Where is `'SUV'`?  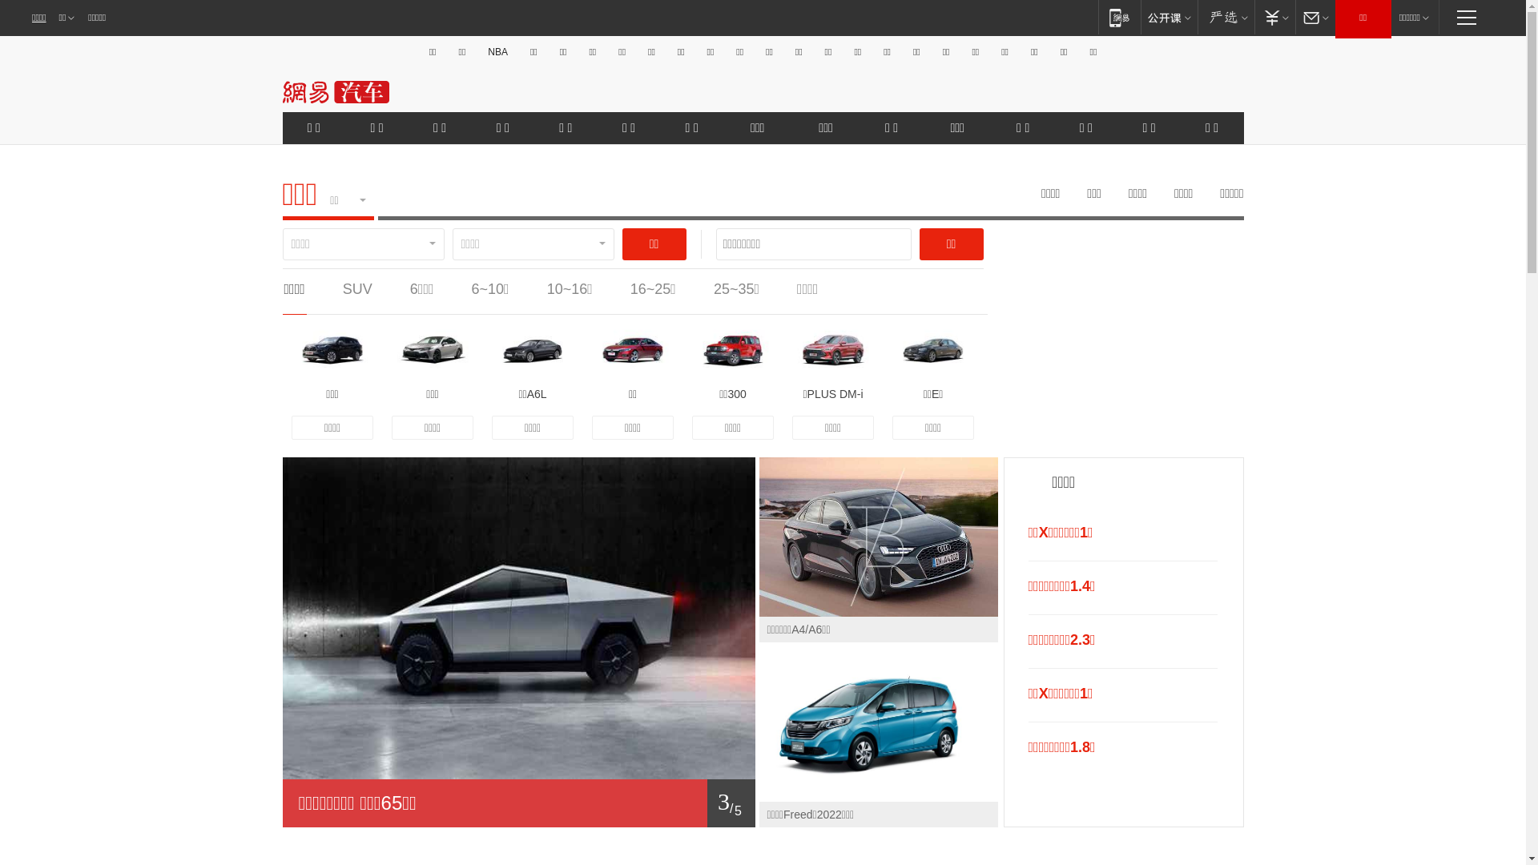 'SUV' is located at coordinates (341, 289).